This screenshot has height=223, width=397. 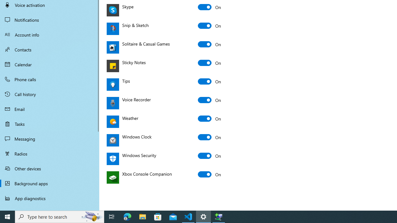 What do you see at coordinates (50, 138) in the screenshot?
I see `'Messaging'` at bounding box center [50, 138].